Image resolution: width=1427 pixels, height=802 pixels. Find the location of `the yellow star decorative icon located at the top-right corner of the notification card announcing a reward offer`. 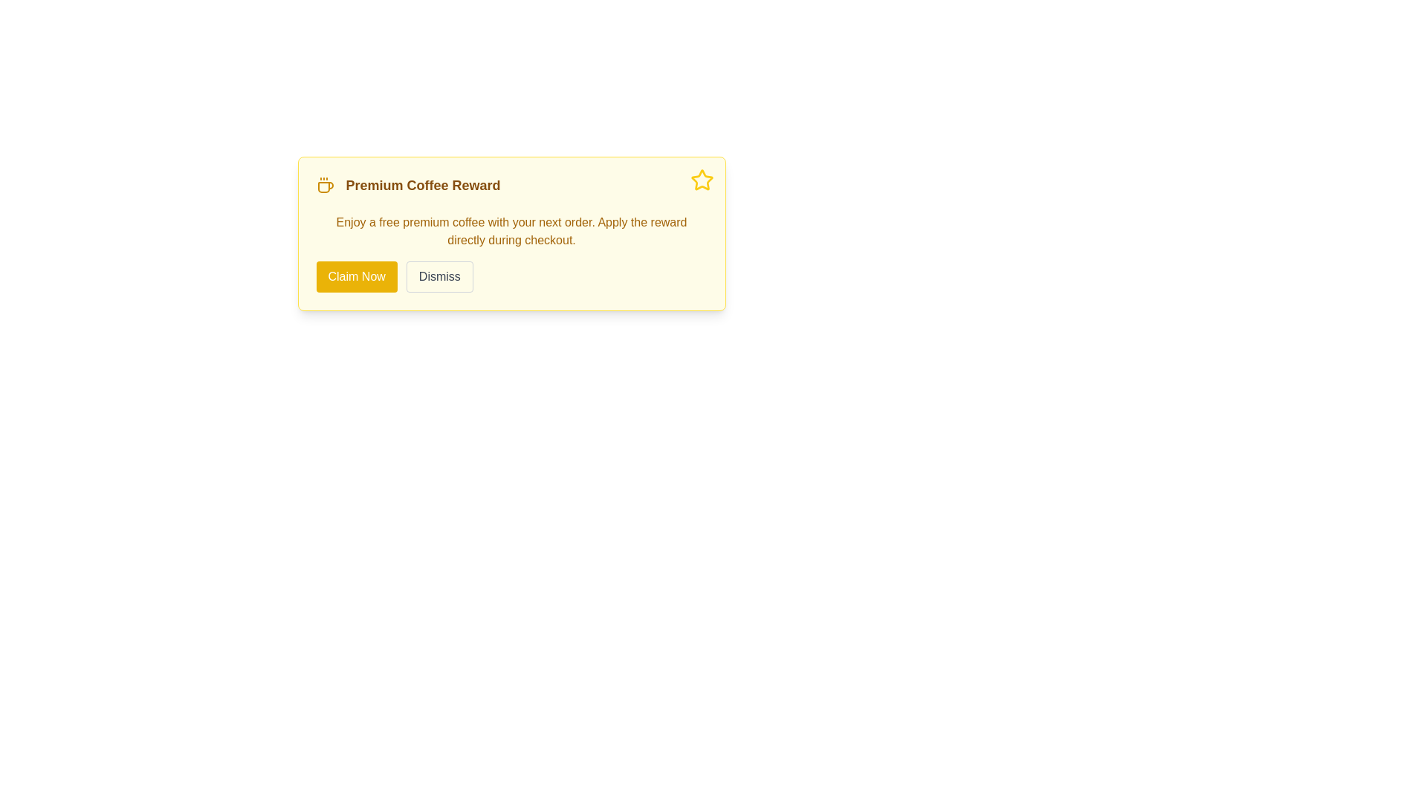

the yellow star decorative icon located at the top-right corner of the notification card announcing a reward offer is located at coordinates (701, 180).